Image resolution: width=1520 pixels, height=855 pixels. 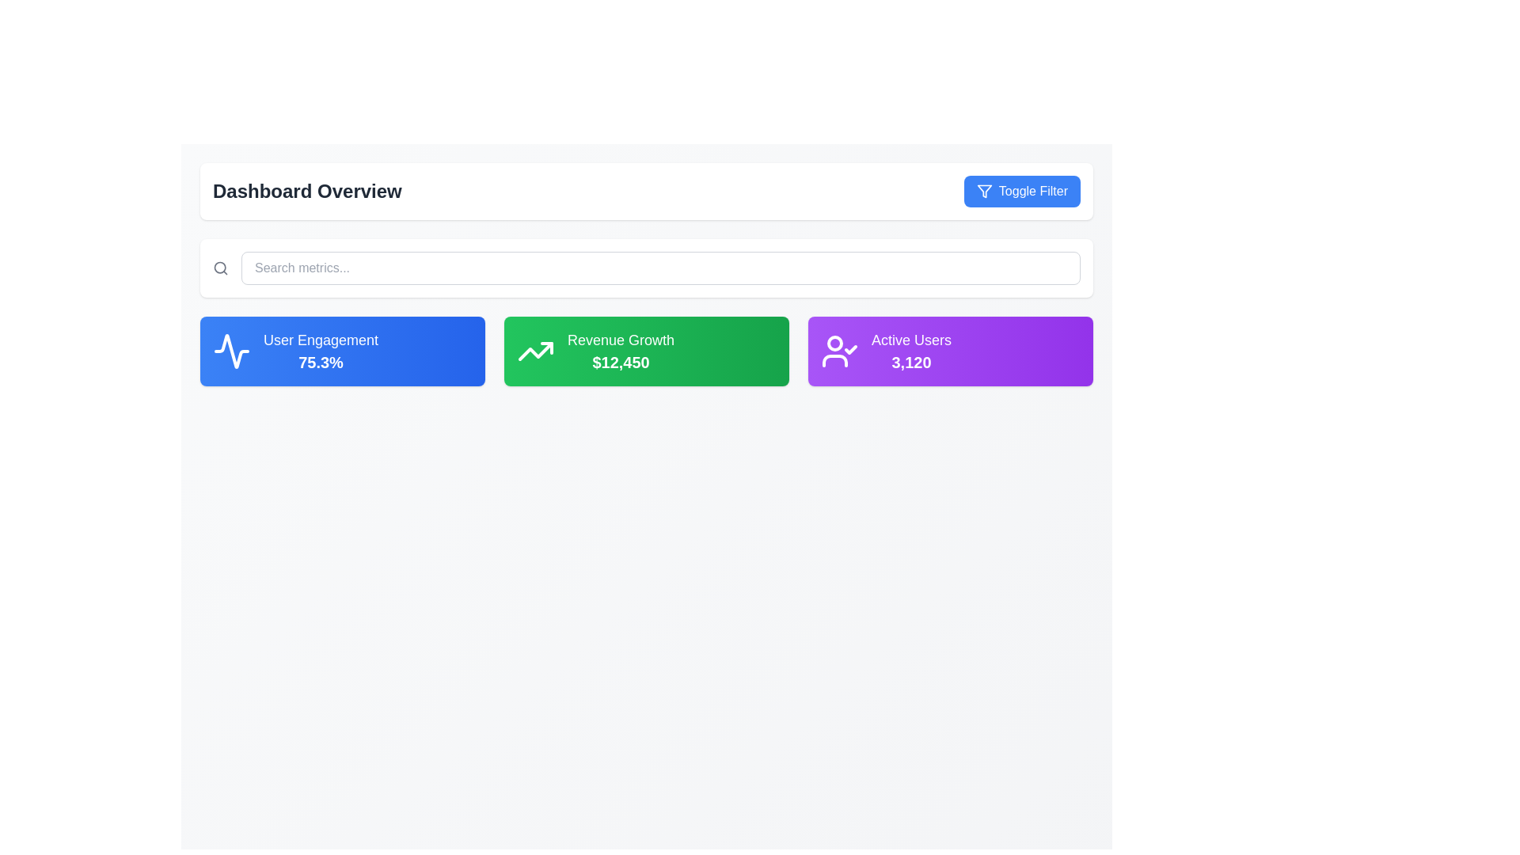 I want to click on the small circular SVG element that is part of the user icon, located near the top-left portion of the graphic, so click(x=834, y=343).